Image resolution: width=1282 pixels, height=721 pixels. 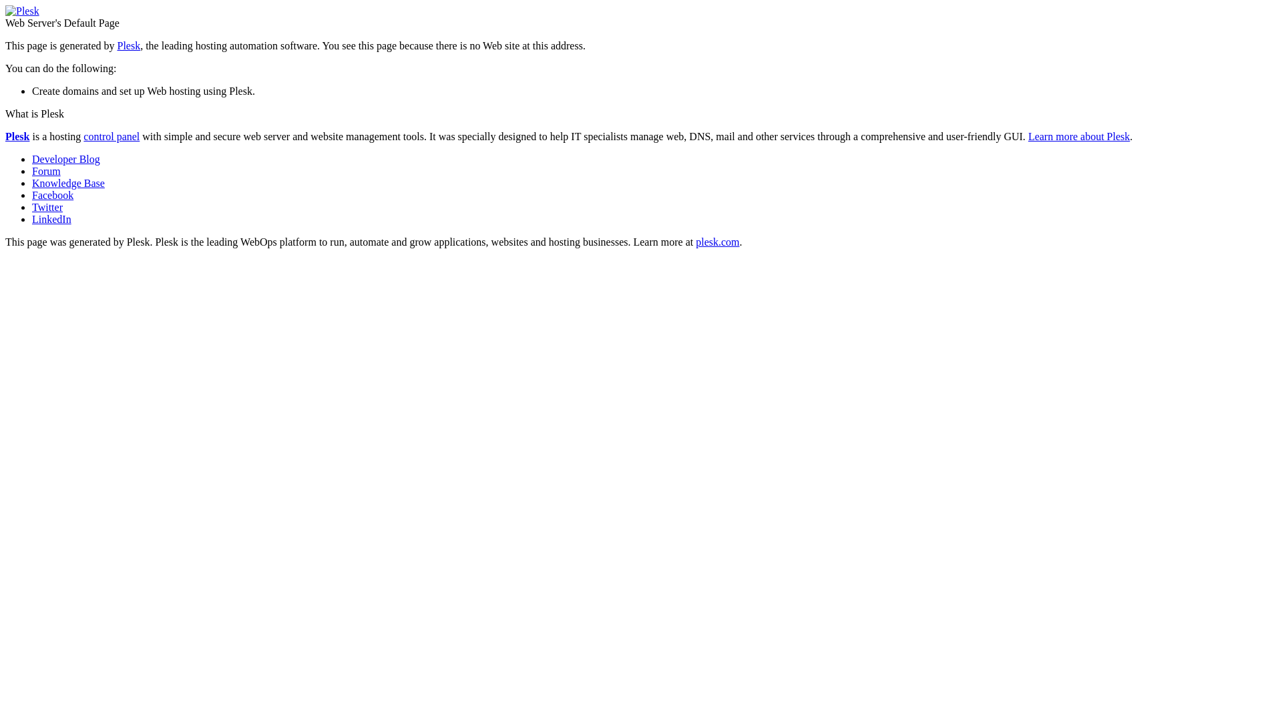 I want to click on 'LinkedIn', so click(x=32, y=218).